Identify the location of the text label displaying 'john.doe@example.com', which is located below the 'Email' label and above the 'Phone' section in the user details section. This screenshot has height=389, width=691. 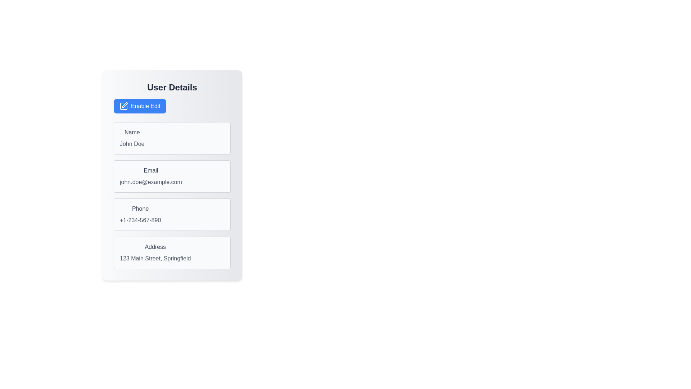
(150, 182).